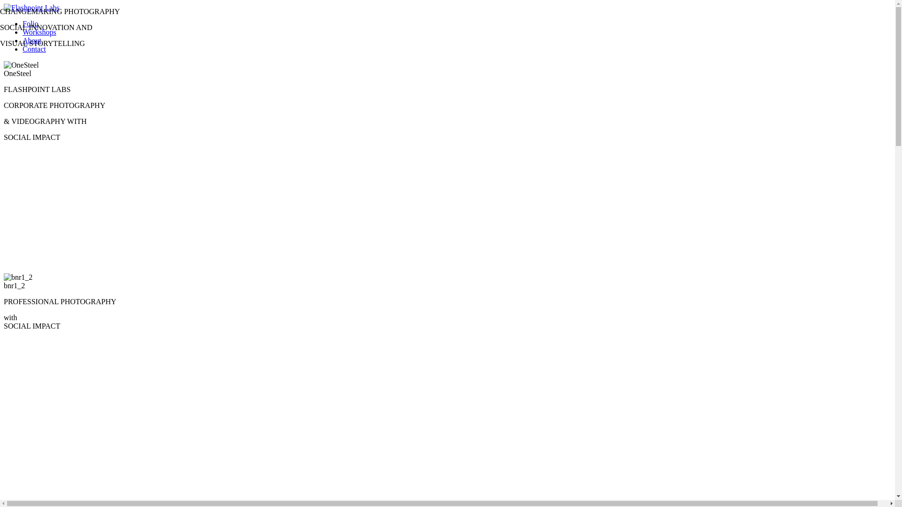 This screenshot has width=902, height=507. Describe the element at coordinates (31, 23) in the screenshot. I see `'Folio'` at that location.